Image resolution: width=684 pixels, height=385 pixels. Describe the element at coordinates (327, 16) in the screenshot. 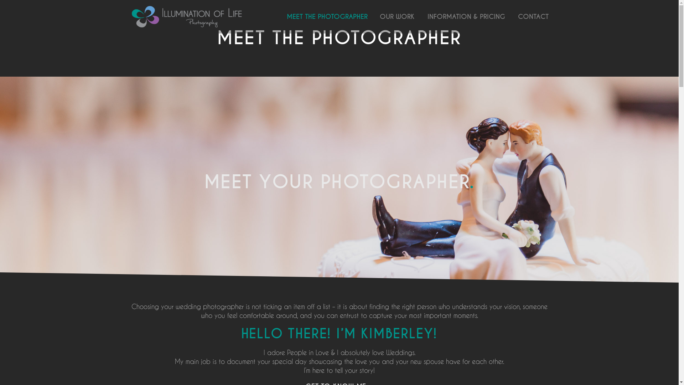

I see `'MEET THE PHOTOGRAPHER'` at that location.